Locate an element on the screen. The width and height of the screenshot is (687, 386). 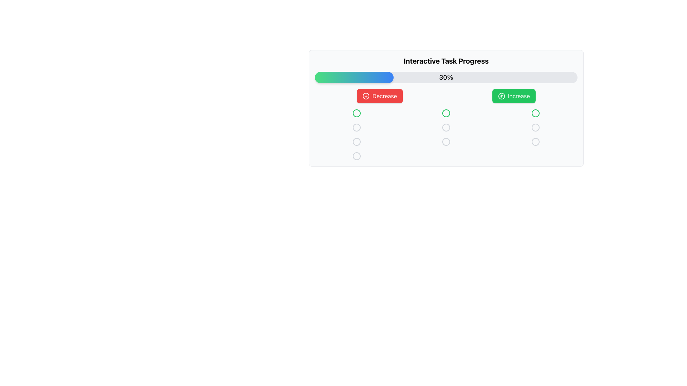
the standalone SVG circle element with a radius of 10 units, located in the right column of the central table below the 'Increase' button is located at coordinates (446, 127).